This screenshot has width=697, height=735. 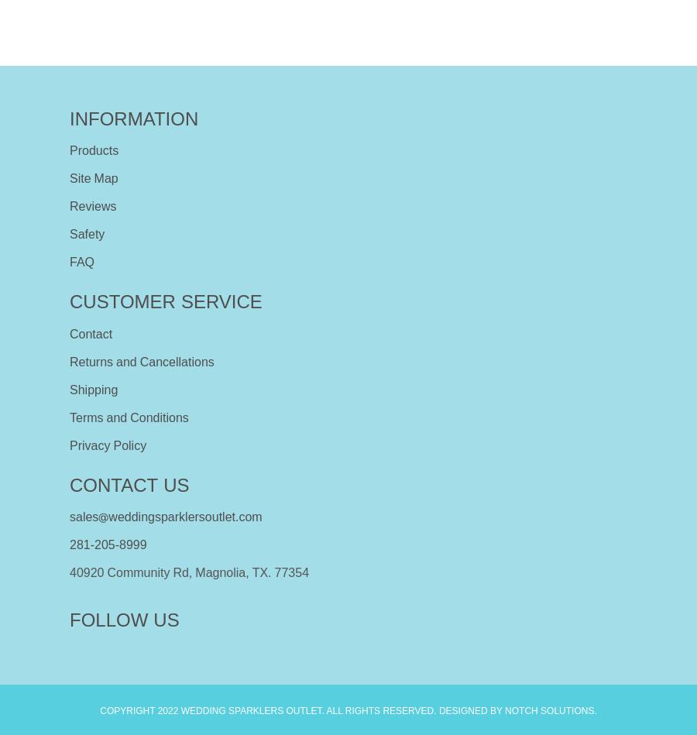 I want to click on 'Safety', so click(x=69, y=232).